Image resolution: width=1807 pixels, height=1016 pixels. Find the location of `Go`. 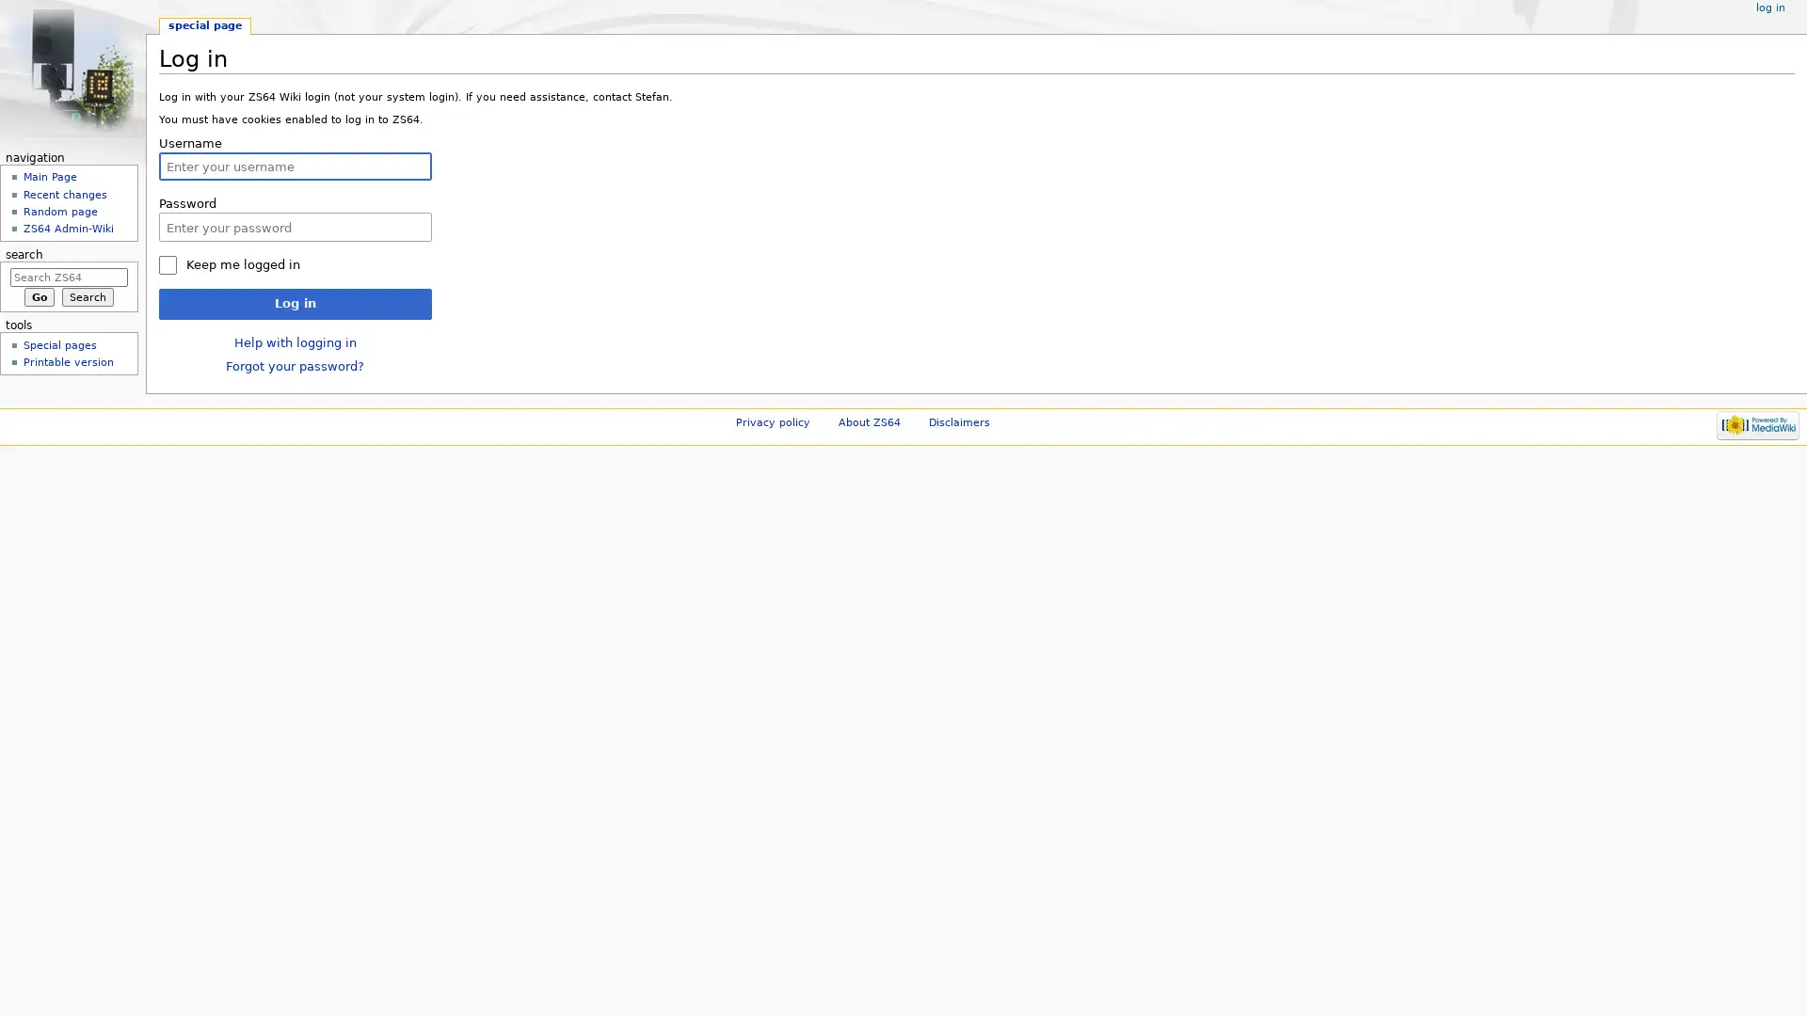

Go is located at coordinates (39, 296).